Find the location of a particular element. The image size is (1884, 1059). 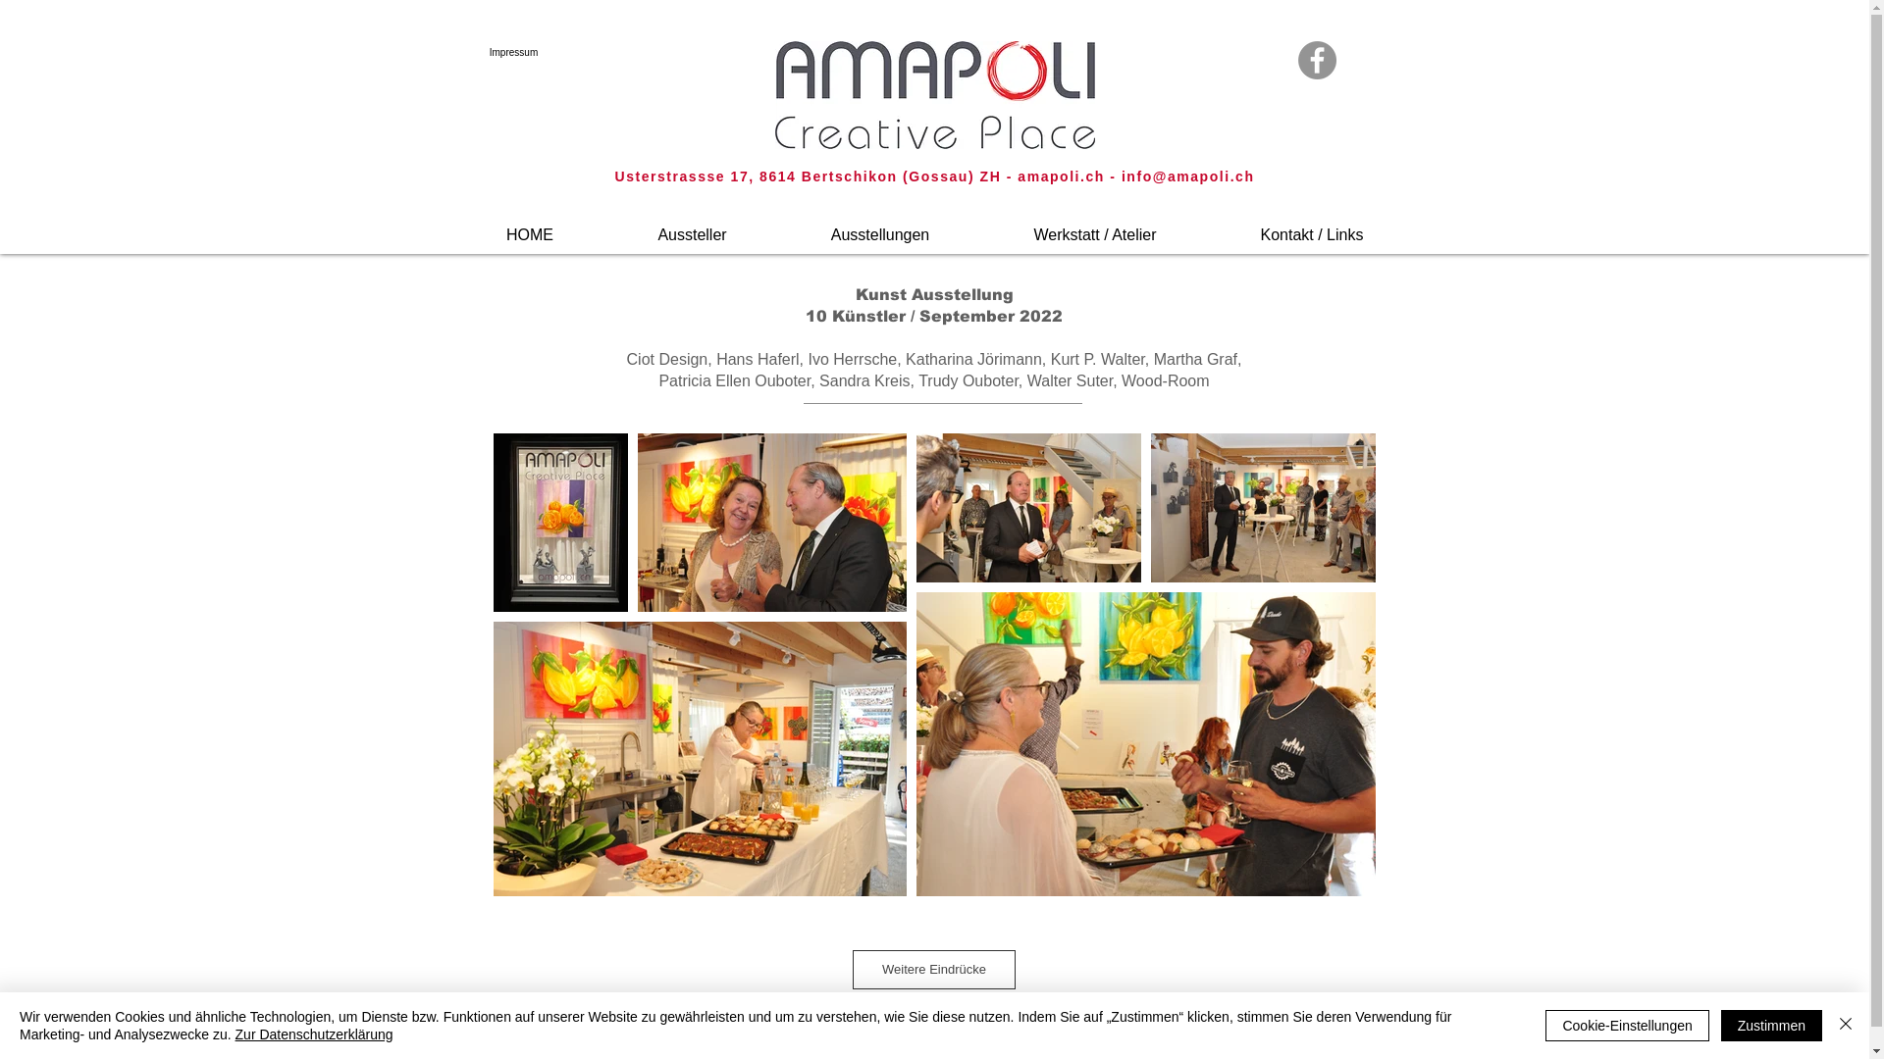

'Kontakt / Links' is located at coordinates (1312, 226).